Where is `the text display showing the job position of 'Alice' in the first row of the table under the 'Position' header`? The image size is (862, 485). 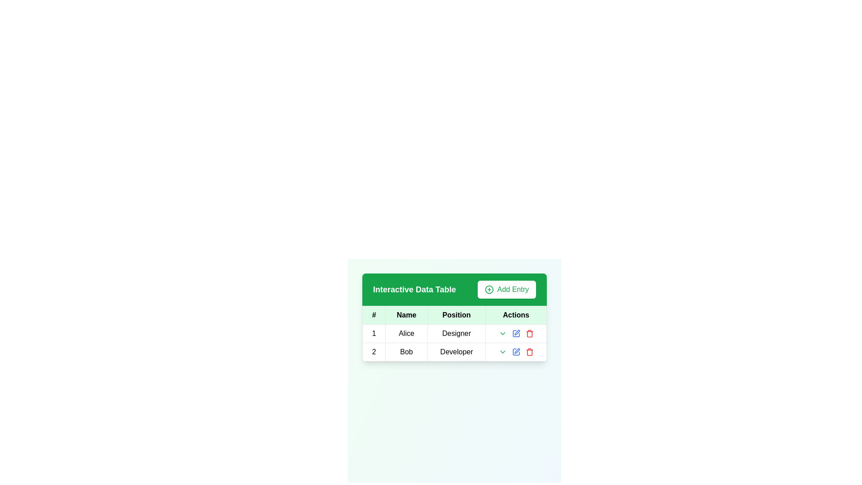
the text display showing the job position of 'Alice' in the first row of the table under the 'Position' header is located at coordinates (457, 334).